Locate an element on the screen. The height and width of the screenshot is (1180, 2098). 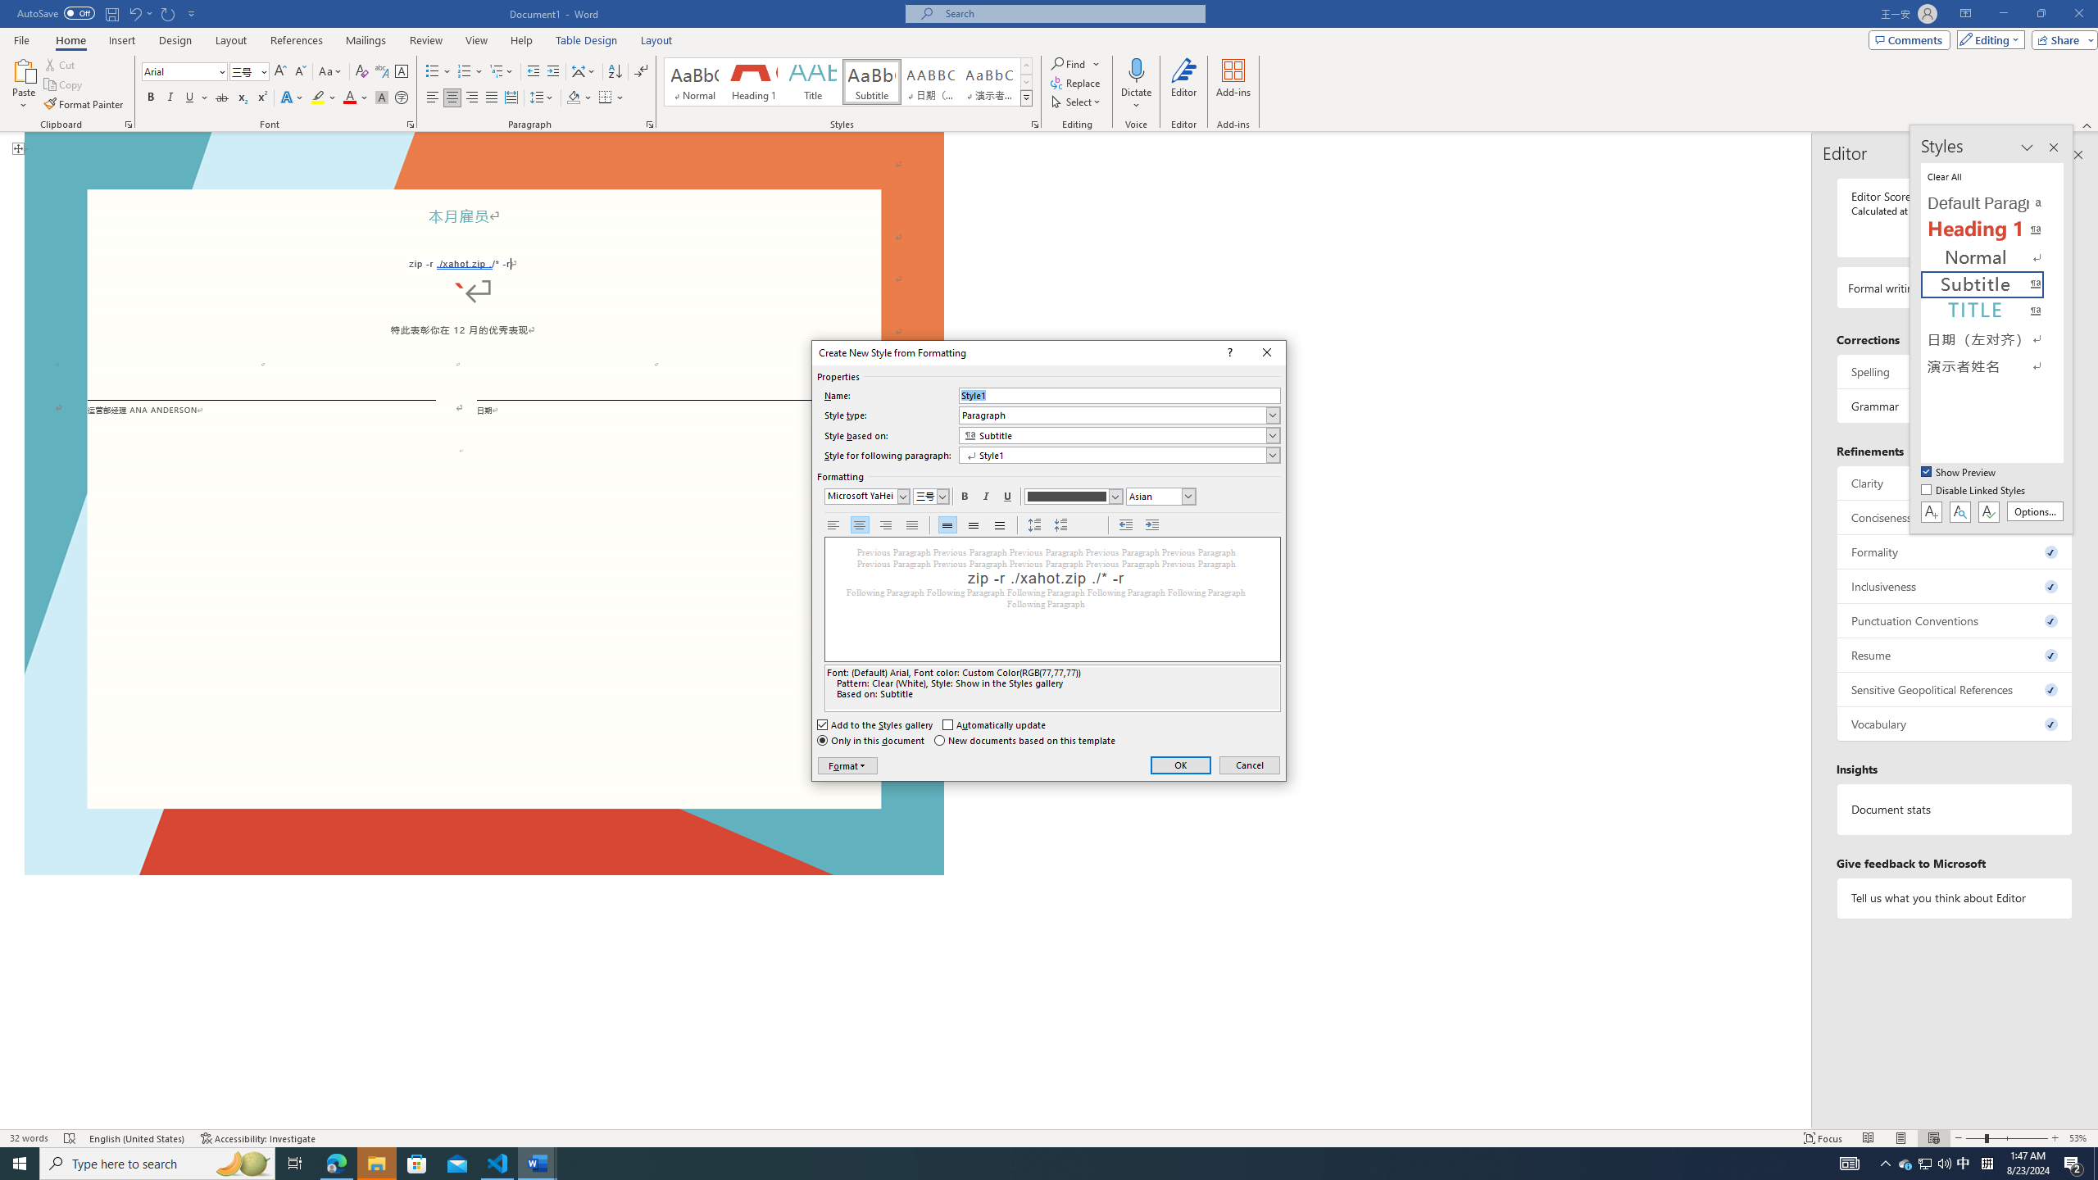
'Editing' is located at coordinates (1987, 39).